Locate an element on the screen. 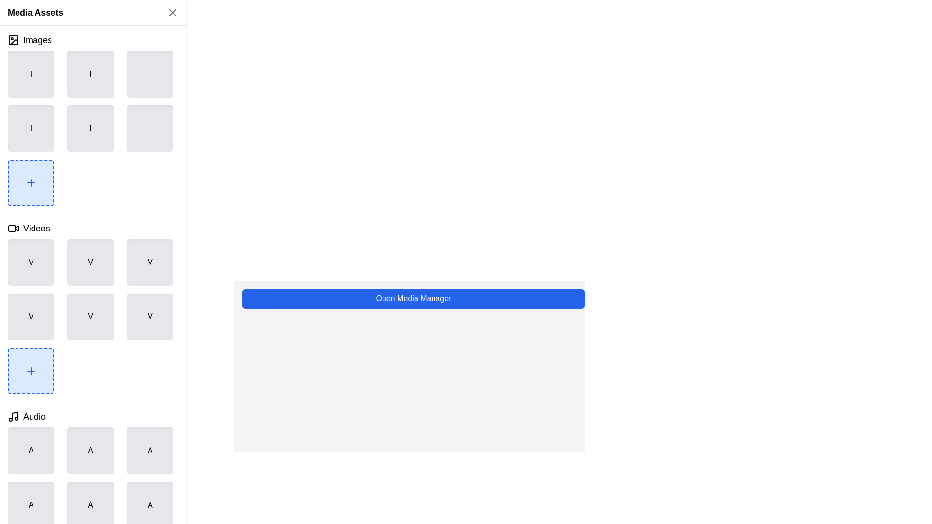 This screenshot has height=524, width=932. the 'Videos' icon located in the left sidebar menu, which is the first item to the left of the text label 'Videos' is located at coordinates (14, 228).